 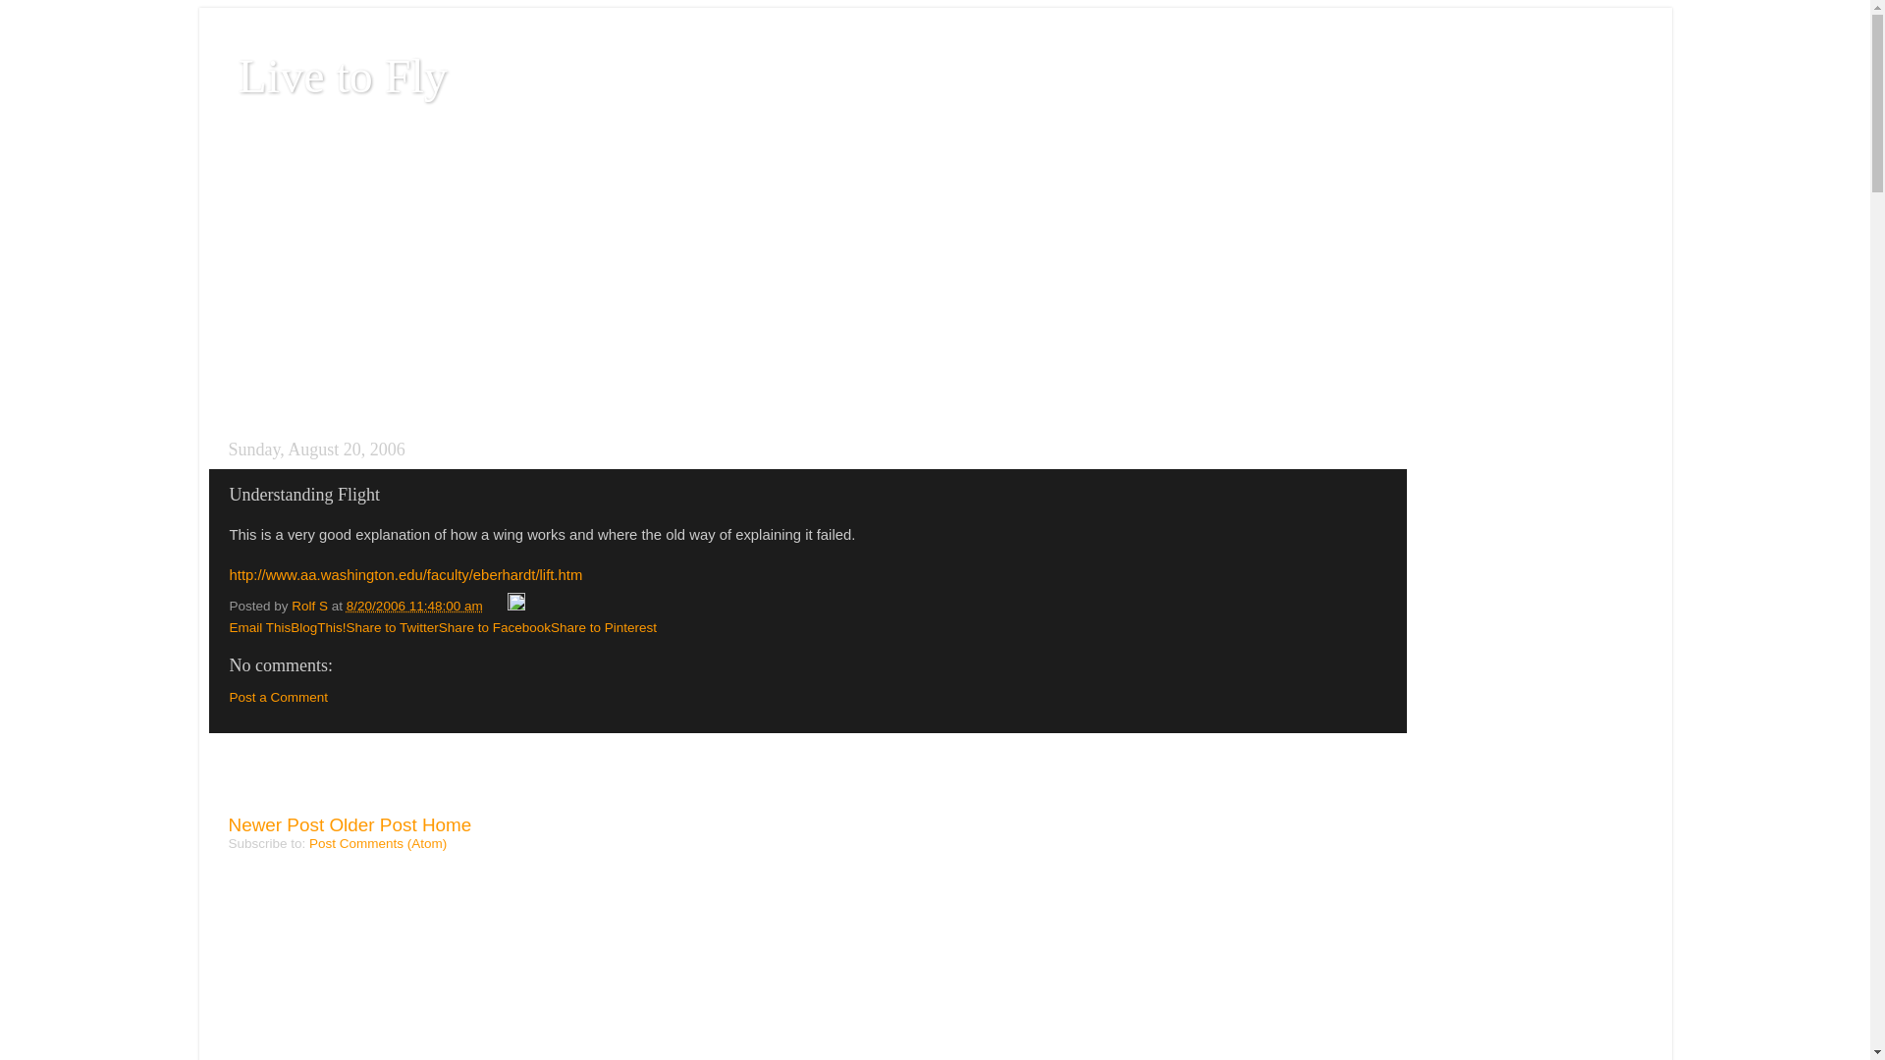 What do you see at coordinates (310, 605) in the screenshot?
I see `'Rolf S'` at bounding box center [310, 605].